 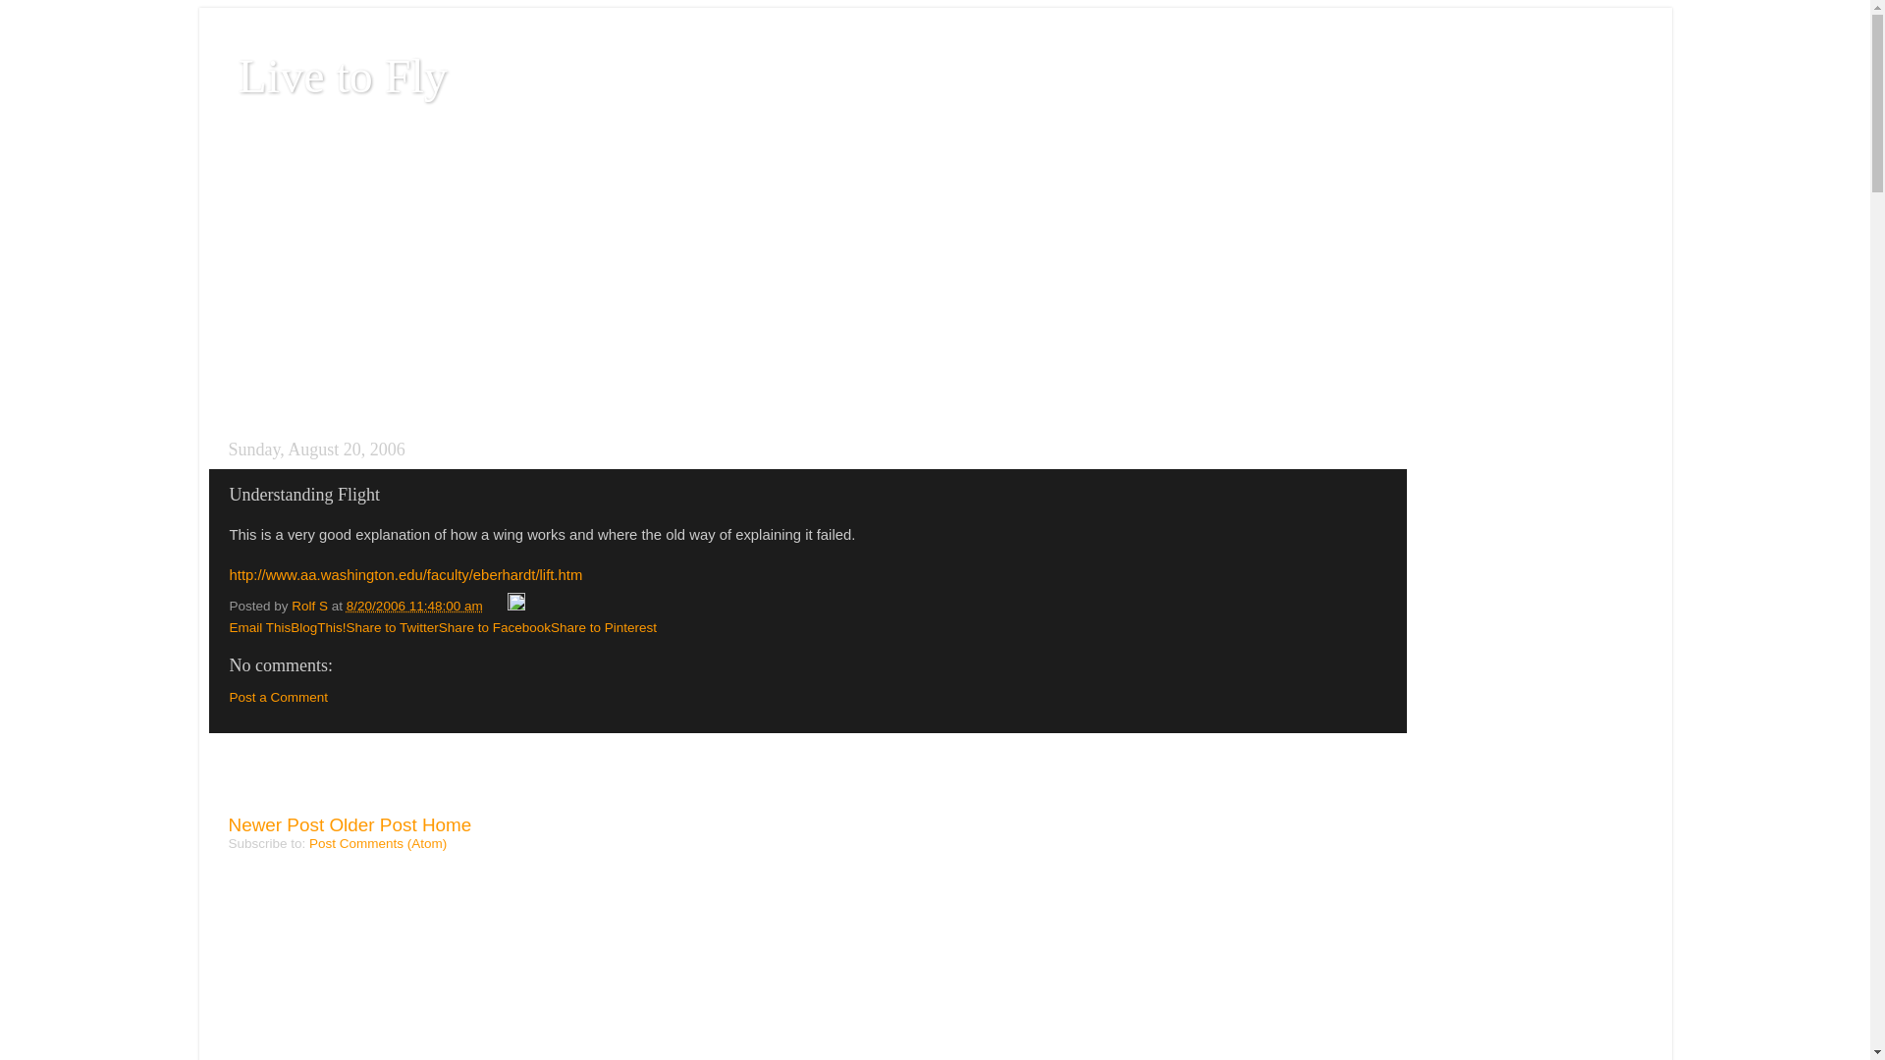 What do you see at coordinates (310, 605) in the screenshot?
I see `'Rolf S'` at bounding box center [310, 605].